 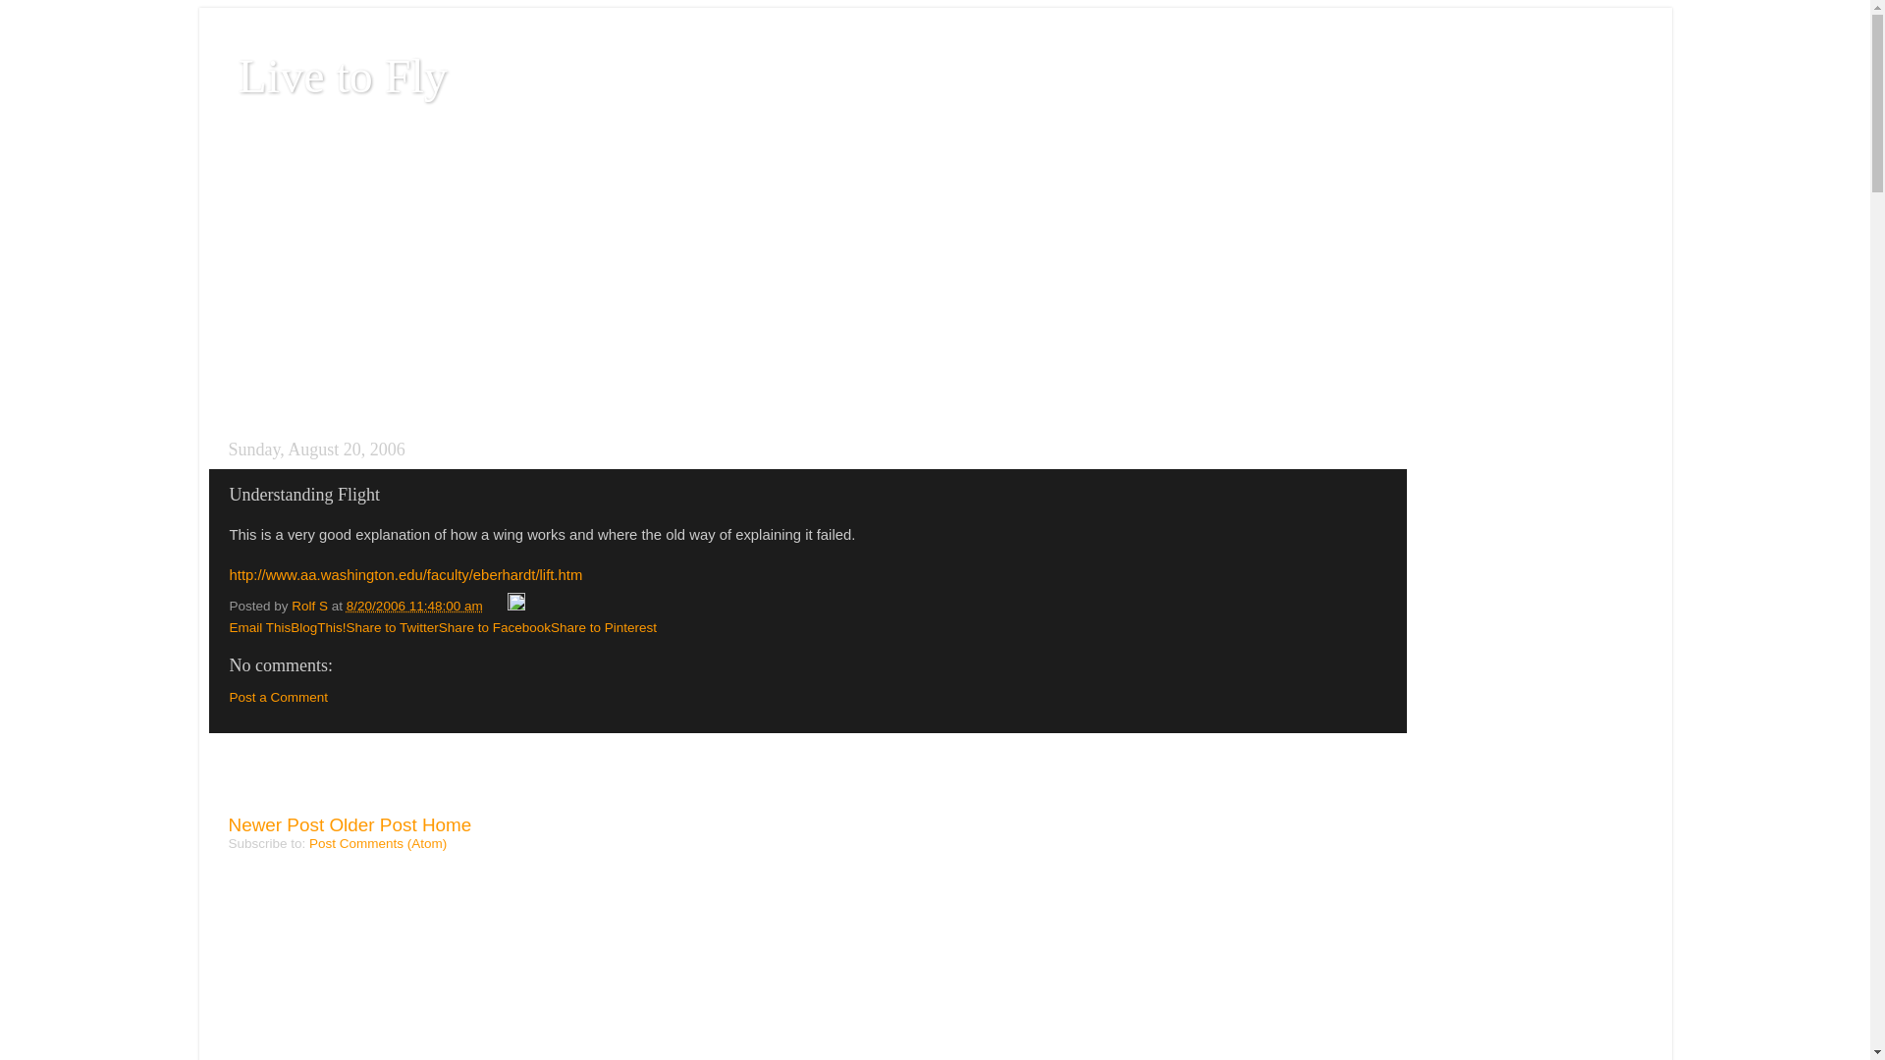 What do you see at coordinates (310, 605) in the screenshot?
I see `'Rolf S'` at bounding box center [310, 605].